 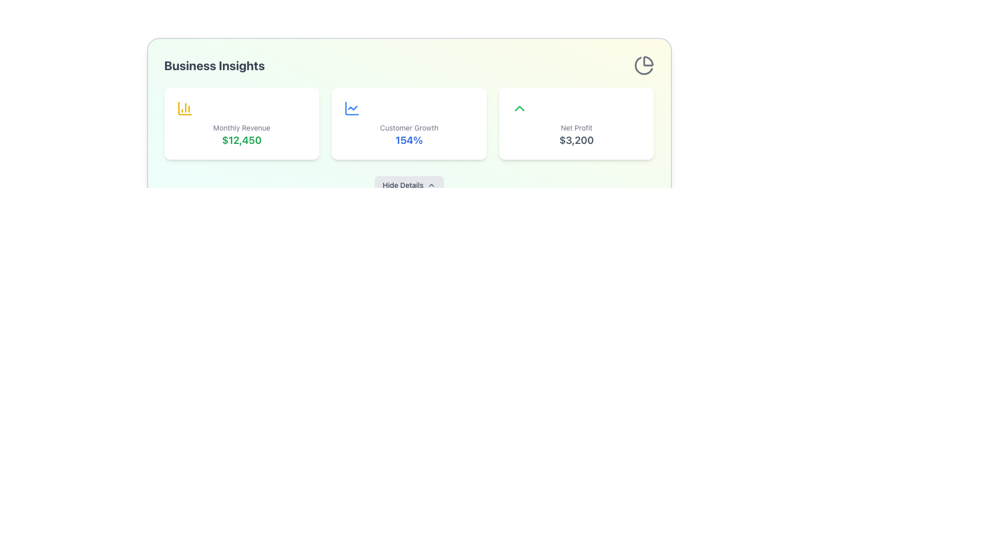 What do you see at coordinates (408, 185) in the screenshot?
I see `the toggle button located centrally in the card-like structure displaying financial metrics to change its background color` at bounding box center [408, 185].